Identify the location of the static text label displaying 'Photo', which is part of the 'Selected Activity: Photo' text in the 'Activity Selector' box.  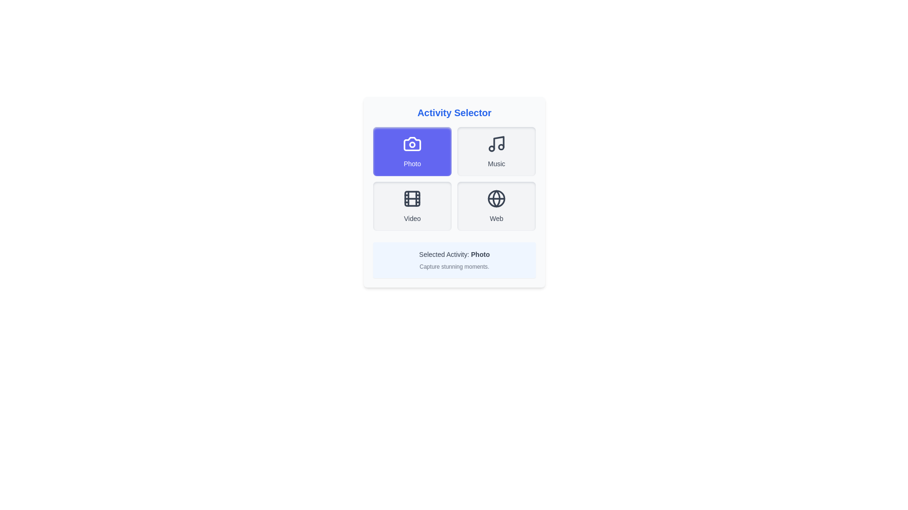
(480, 254).